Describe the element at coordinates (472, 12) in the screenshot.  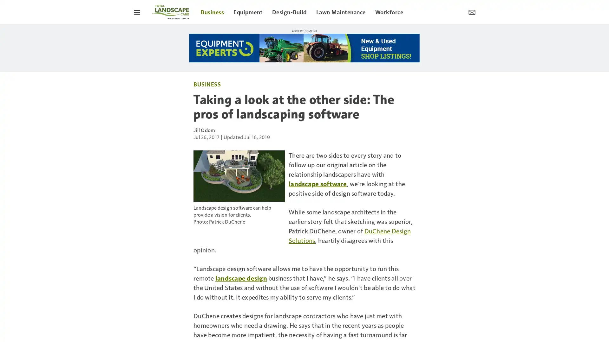
I see `Newsletter Menu Toggle` at that location.